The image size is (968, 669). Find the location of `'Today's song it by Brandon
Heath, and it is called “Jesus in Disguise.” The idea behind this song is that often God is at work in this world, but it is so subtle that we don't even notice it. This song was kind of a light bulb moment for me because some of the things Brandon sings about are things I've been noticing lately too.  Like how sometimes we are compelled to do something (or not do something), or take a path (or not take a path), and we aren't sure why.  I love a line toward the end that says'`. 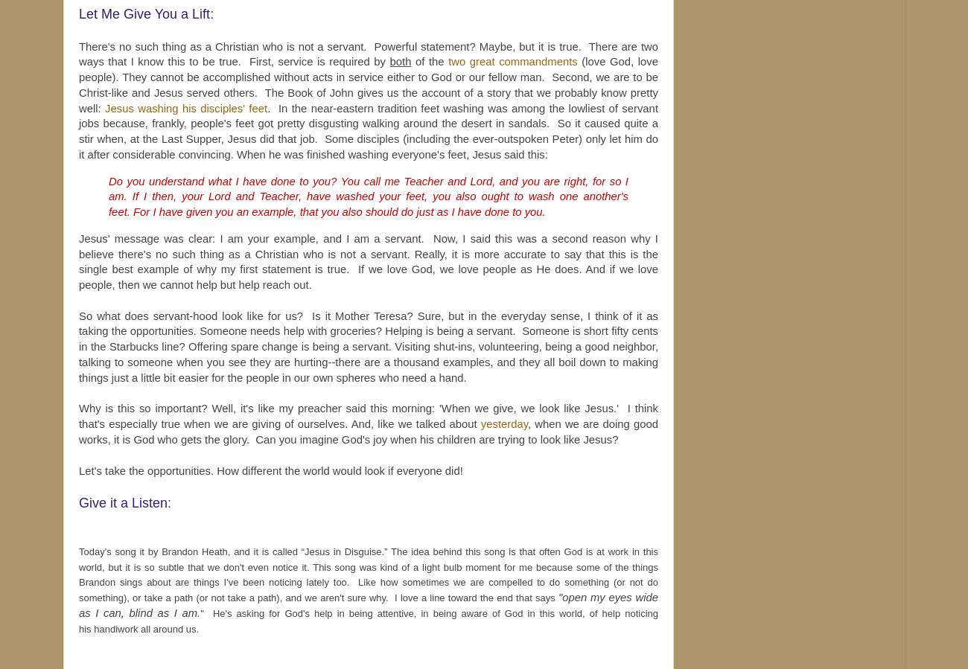

'Today's song it by Brandon
Heath, and it is called “Jesus in Disguise.” The idea behind this song is that often God is at work in this world, but it is so subtle that we don't even notice it. This song was kind of a light bulb moment for me because some of the things Brandon sings about are things I've been noticing lately too.  Like how sometimes we are compelled to do something (or not do something), or take a path (or not take a path), and we aren't sure why.  I love a line toward the end that says' is located at coordinates (369, 574).